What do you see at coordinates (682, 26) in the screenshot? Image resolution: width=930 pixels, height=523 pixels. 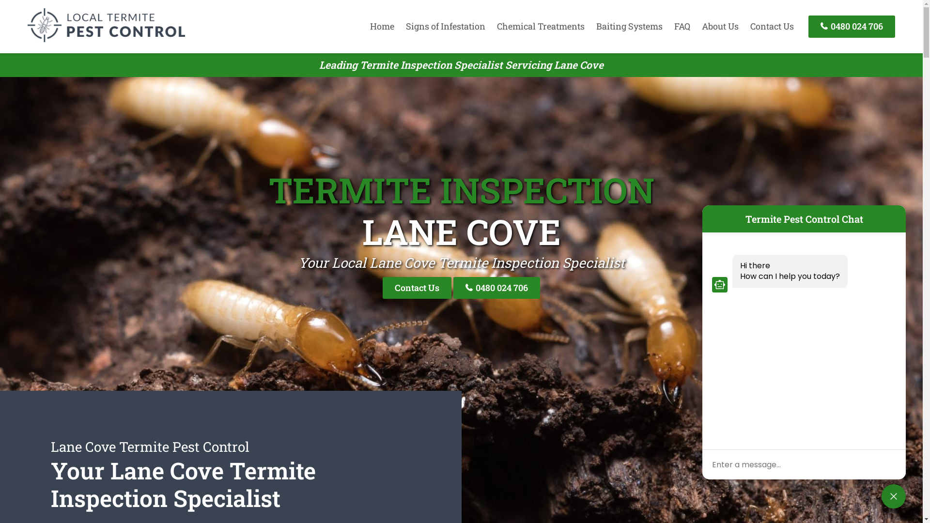 I see `'FAQ'` at bounding box center [682, 26].